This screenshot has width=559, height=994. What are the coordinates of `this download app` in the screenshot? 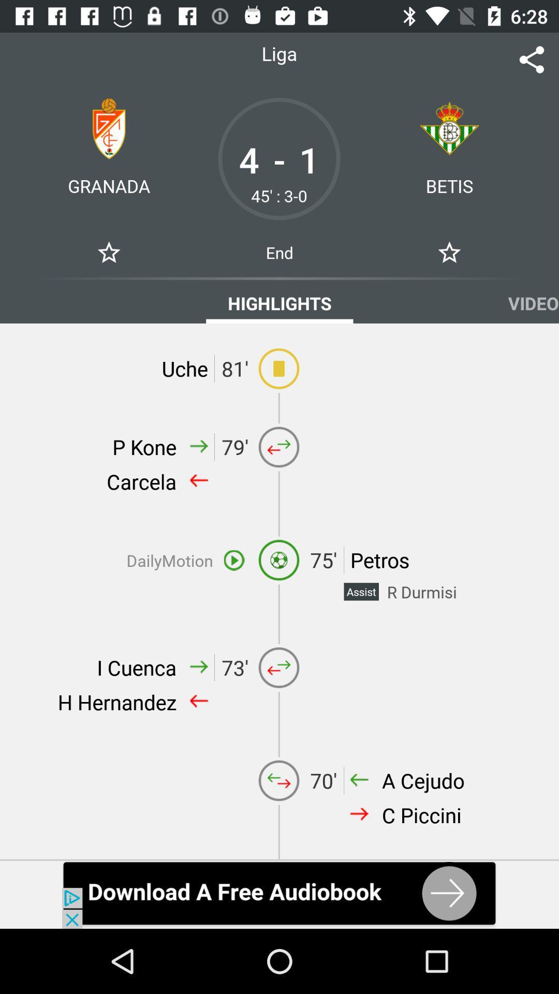 It's located at (279, 894).